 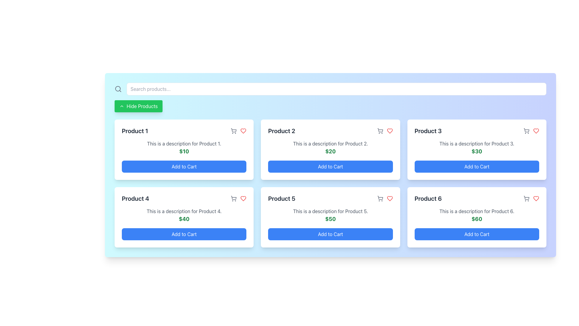 What do you see at coordinates (380, 130) in the screenshot?
I see `the shopping cart icon located at the top-right of the product card for 'Product 2'` at bounding box center [380, 130].